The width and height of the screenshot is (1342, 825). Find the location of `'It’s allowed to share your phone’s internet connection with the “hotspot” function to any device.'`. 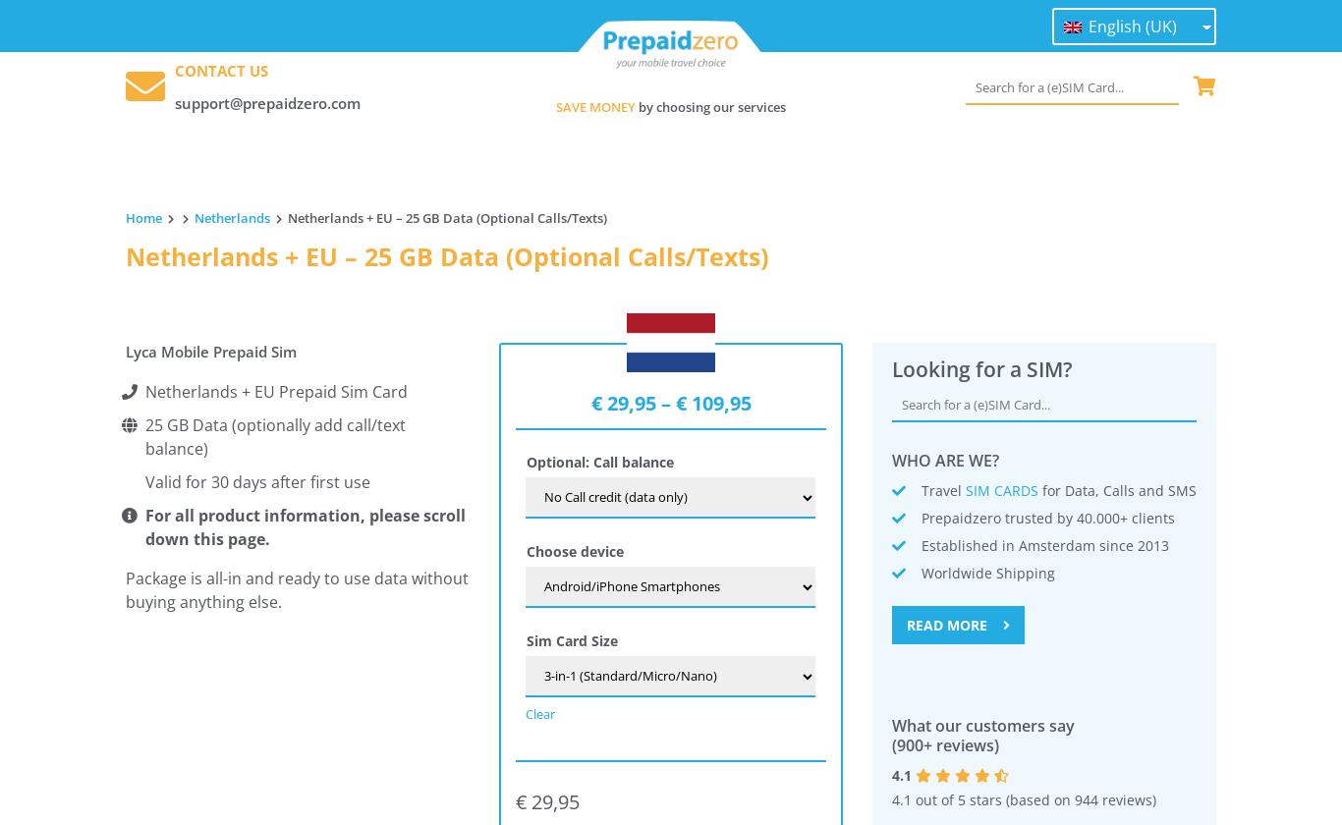

'It’s allowed to share your phone’s internet connection with the “hotspot” function to any device.' is located at coordinates (446, 507).